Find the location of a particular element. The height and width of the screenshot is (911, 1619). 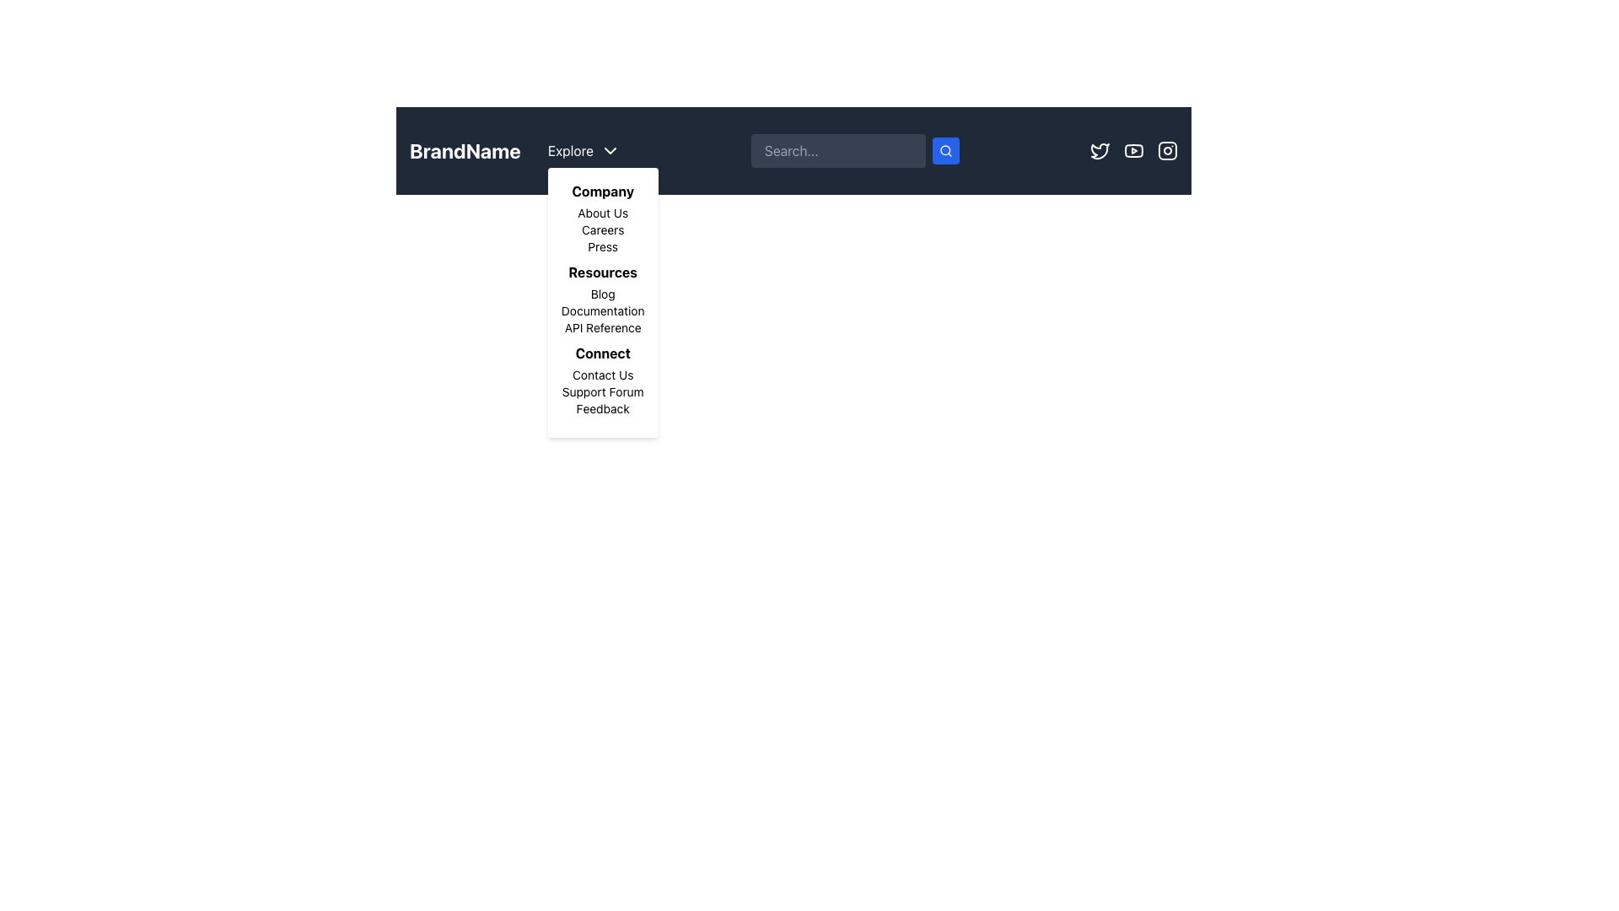

the 'Connect' menu section in the dropdown under 'Explore' to observe the underline hover effect on the links: 'Contact Us,' 'Support Forum,' and 'Feedback.' is located at coordinates (603, 380).